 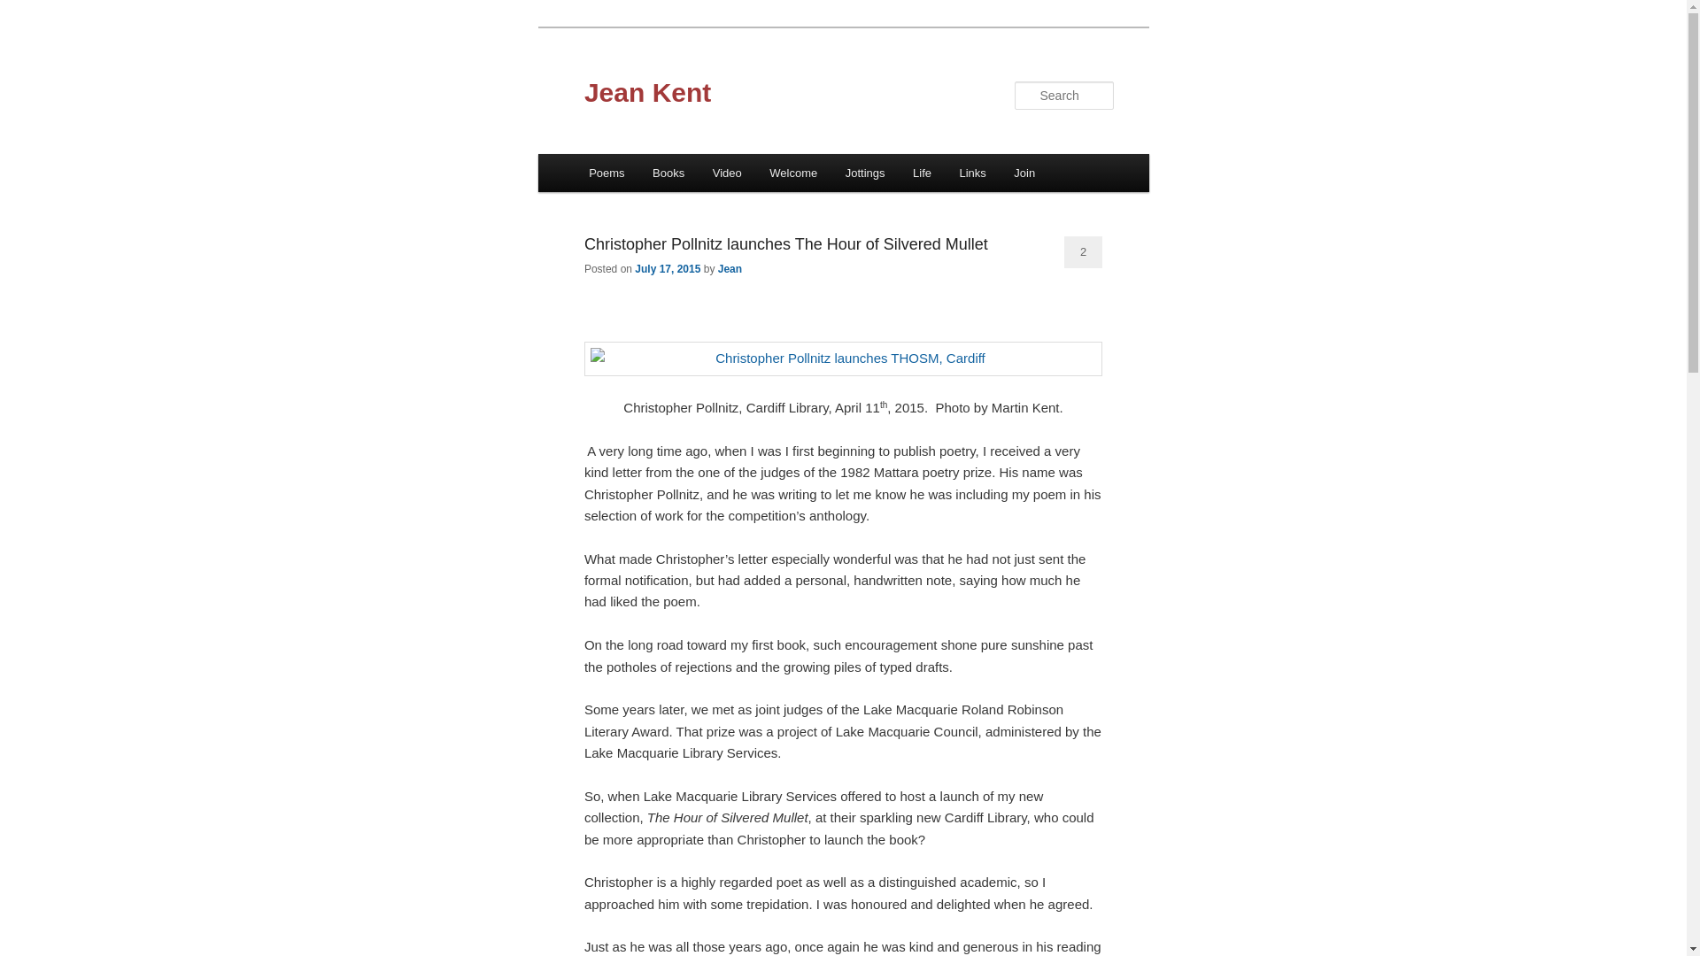 What do you see at coordinates (972, 173) in the screenshot?
I see `'Links'` at bounding box center [972, 173].